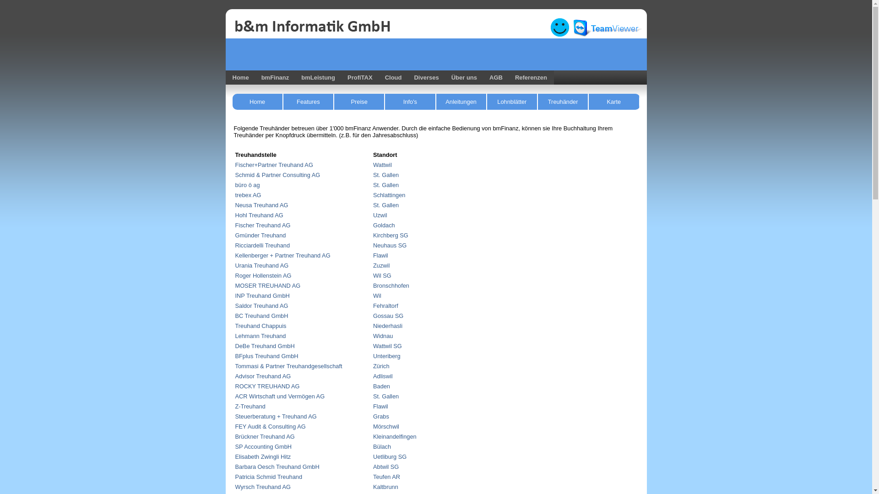 The width and height of the screenshot is (879, 494). I want to click on 'Neusa Treuhand AG', so click(261, 204).